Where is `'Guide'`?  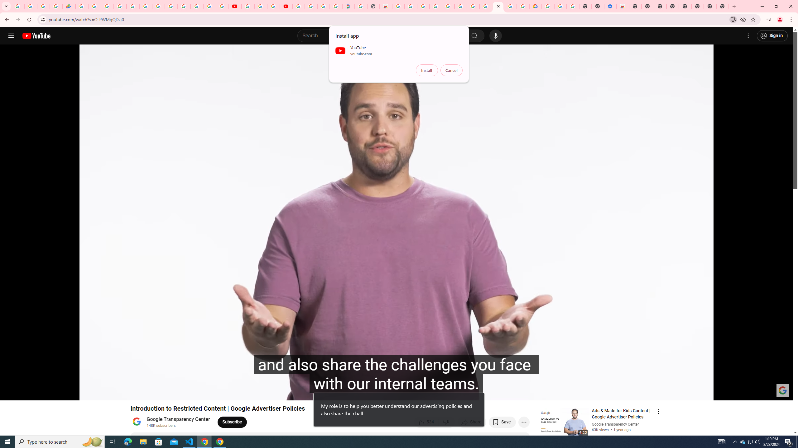
'Guide' is located at coordinates (11, 35).